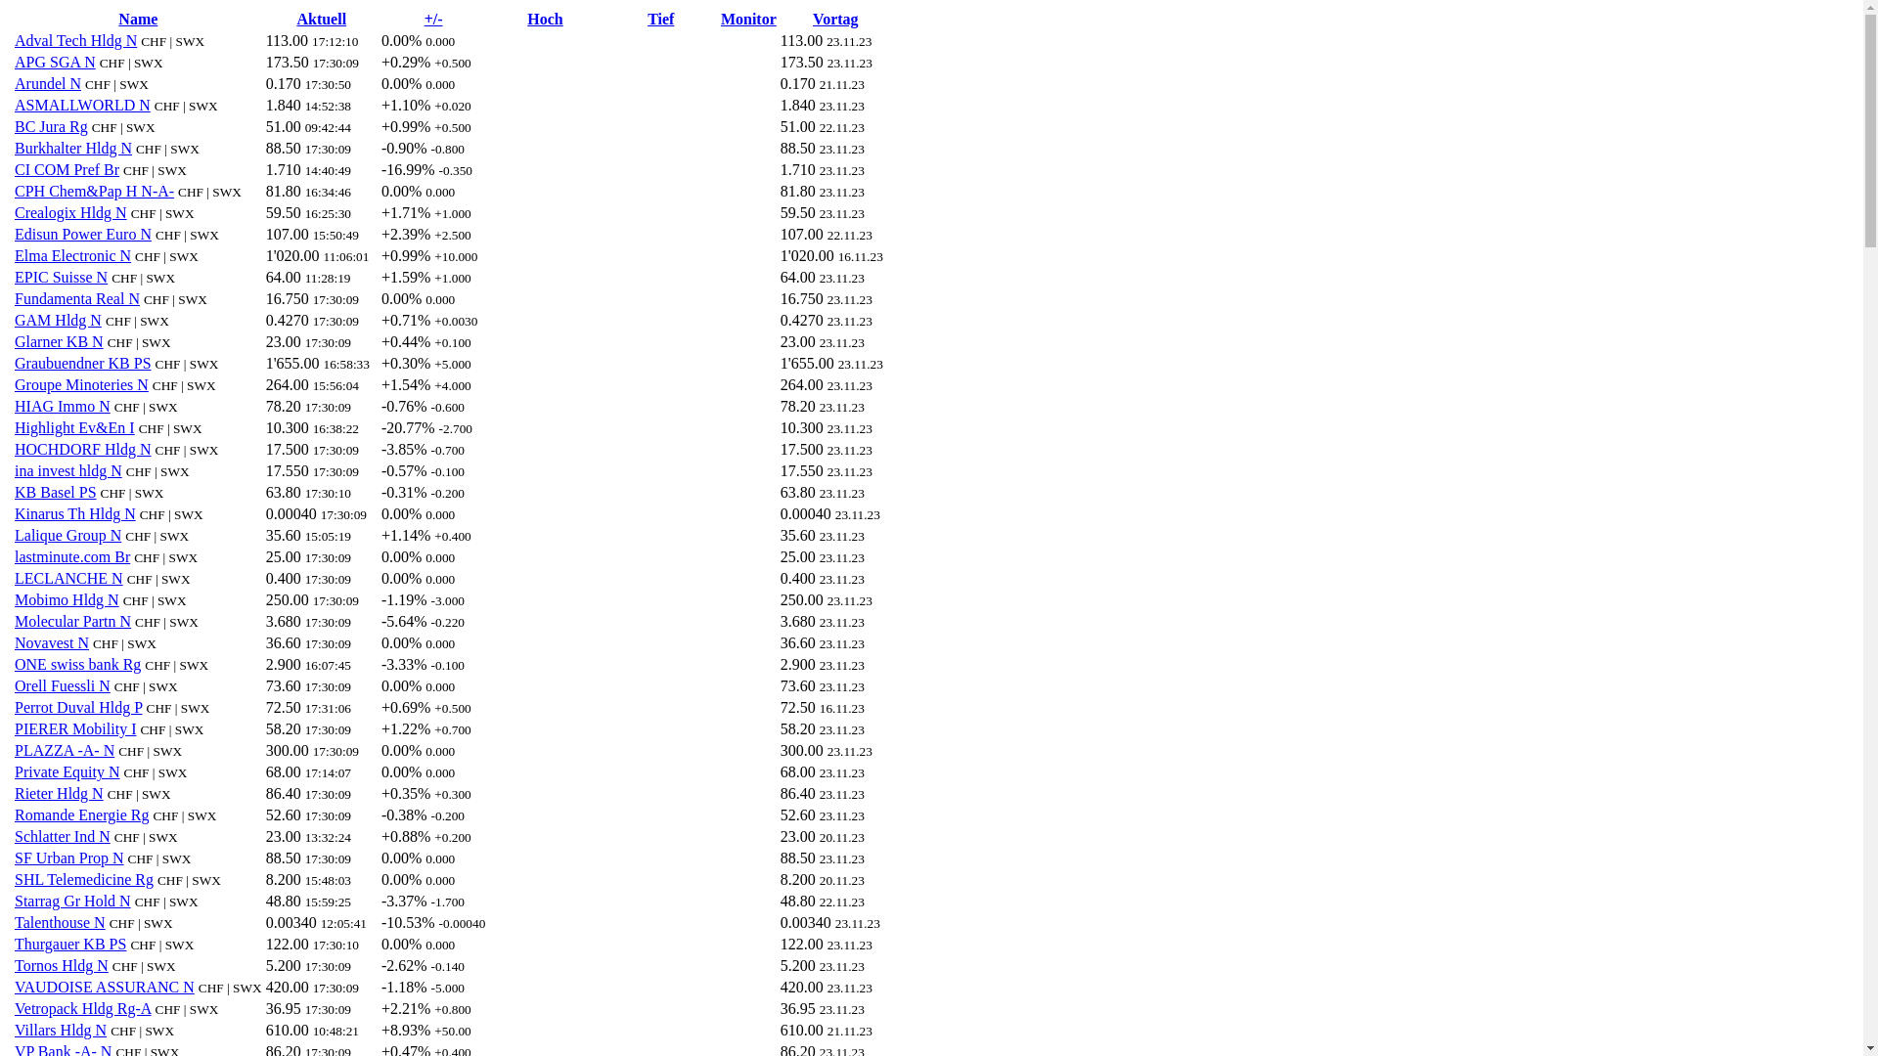  I want to click on 'Glarner KB N', so click(59, 340).